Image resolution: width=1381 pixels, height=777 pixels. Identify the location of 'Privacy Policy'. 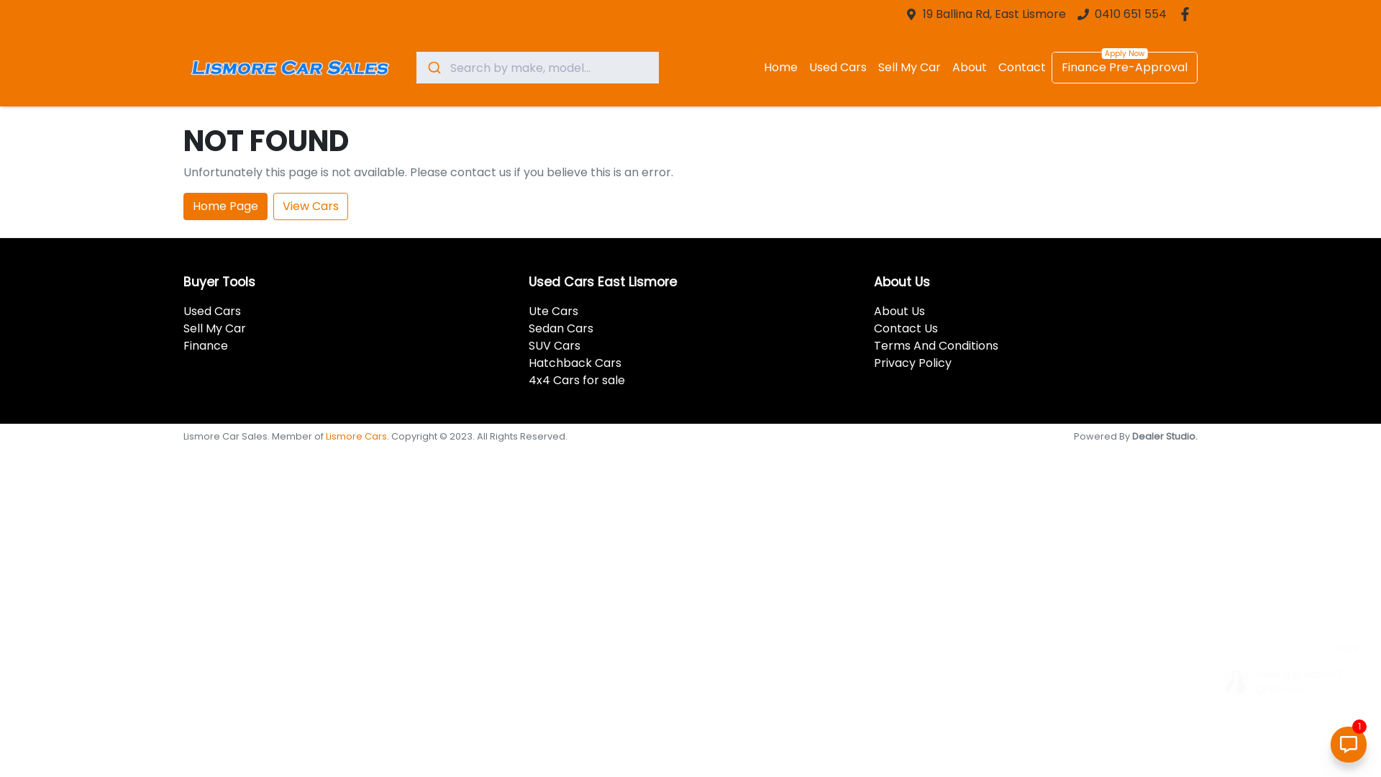
(911, 362).